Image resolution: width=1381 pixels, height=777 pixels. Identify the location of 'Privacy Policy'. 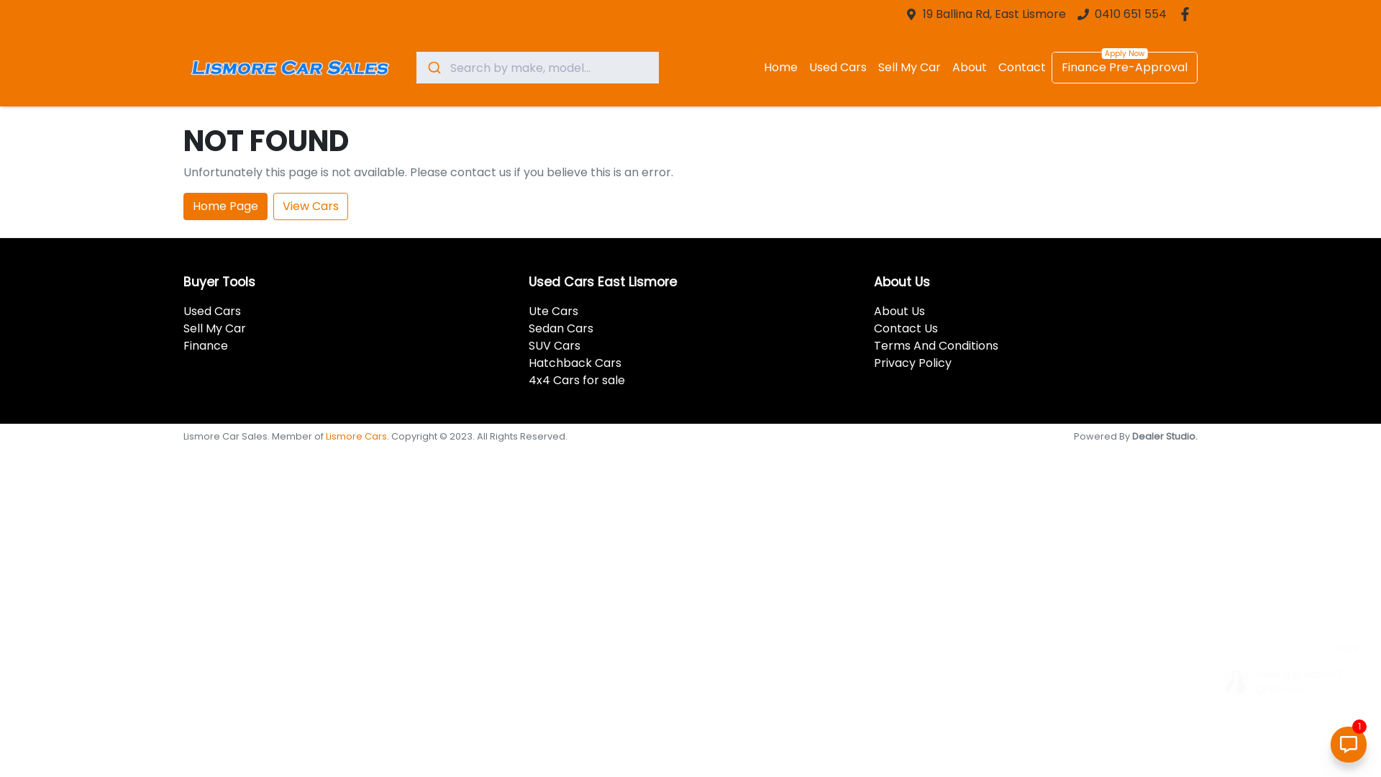
(911, 362).